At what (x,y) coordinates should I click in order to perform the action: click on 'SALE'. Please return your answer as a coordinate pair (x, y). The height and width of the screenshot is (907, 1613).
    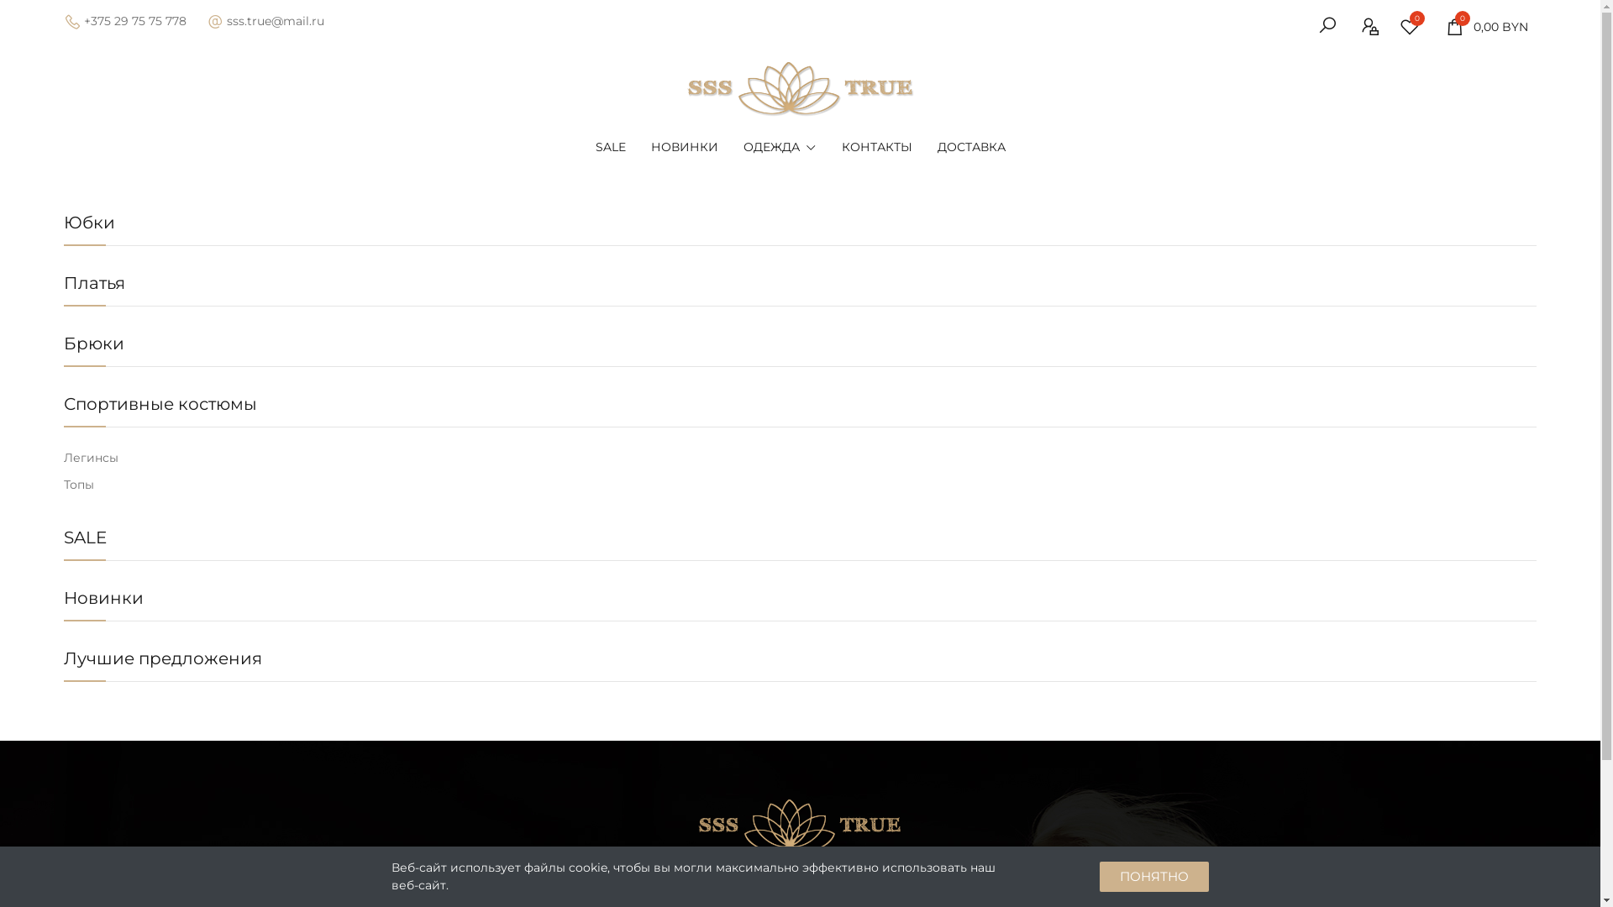
    Looking at the image, I should click on (609, 145).